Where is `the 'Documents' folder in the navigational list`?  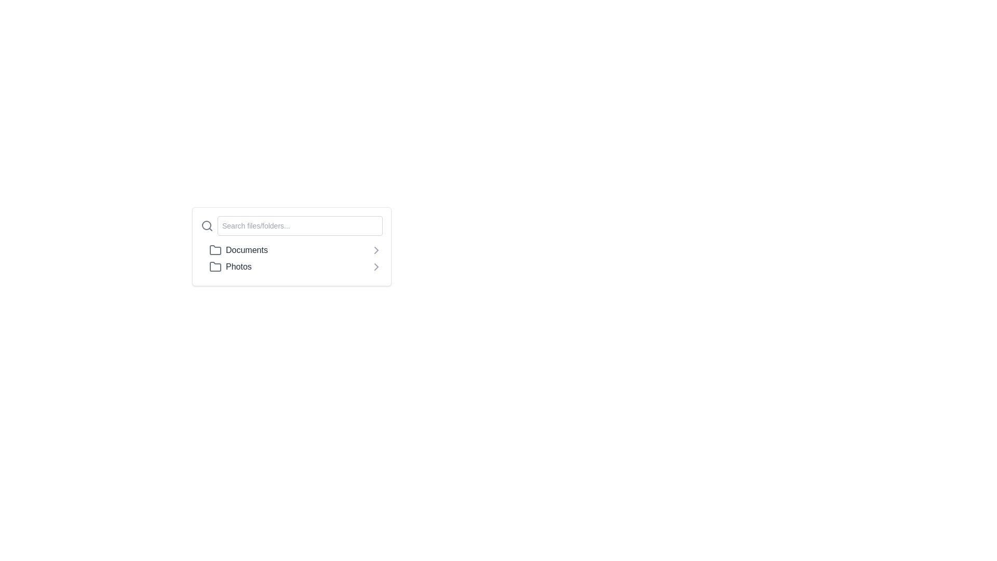 the 'Documents' folder in the navigational list is located at coordinates (291, 258).